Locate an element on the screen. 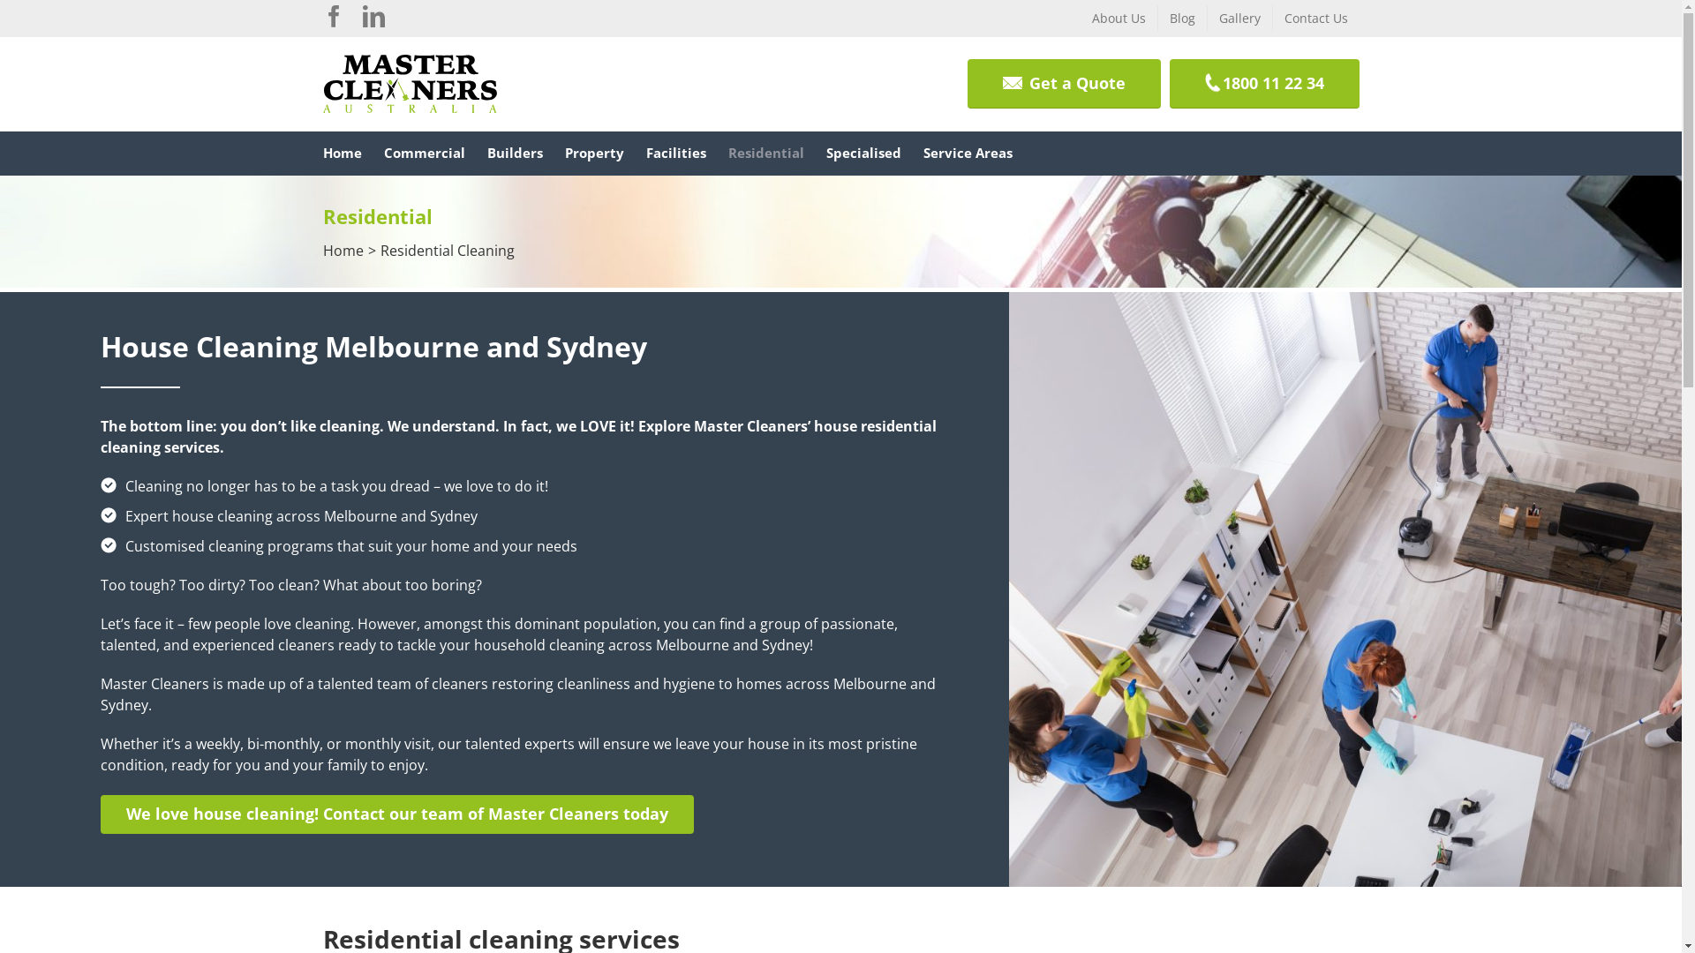 The height and width of the screenshot is (953, 1695). '1800 11 22 34' is located at coordinates (1262, 84).